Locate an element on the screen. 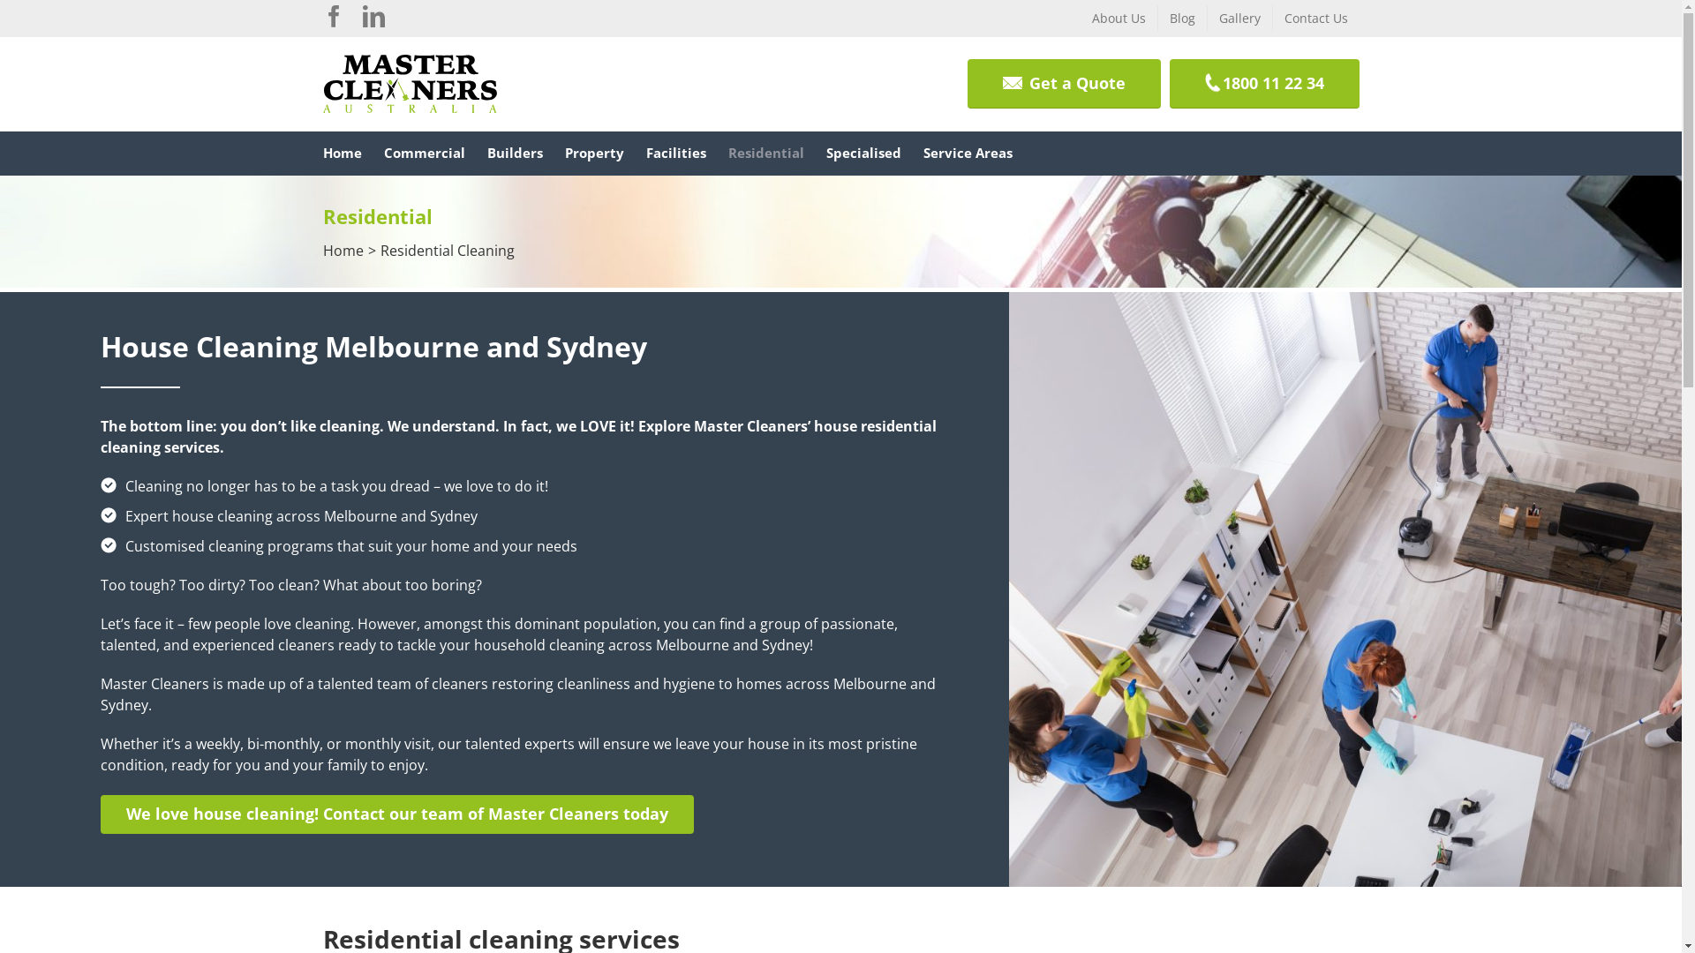 The height and width of the screenshot is (953, 1695). '1800 11 22 34' is located at coordinates (1262, 84).